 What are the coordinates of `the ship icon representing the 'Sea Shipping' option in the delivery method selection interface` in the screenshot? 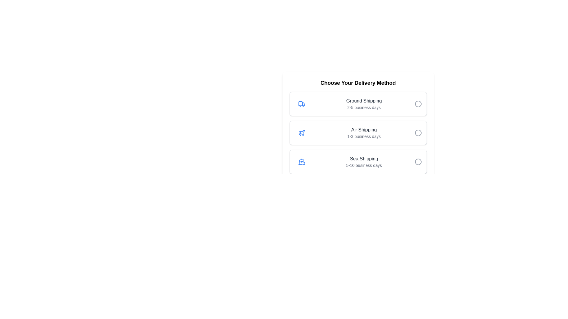 It's located at (301, 162).